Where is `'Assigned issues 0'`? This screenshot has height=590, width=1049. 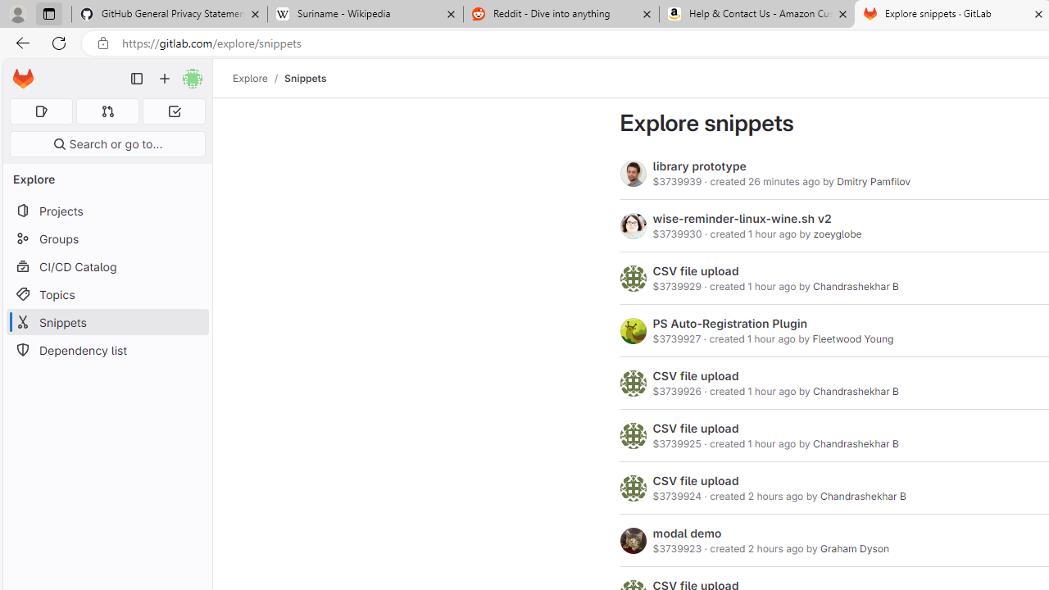
'Assigned issues 0' is located at coordinates (41, 111).